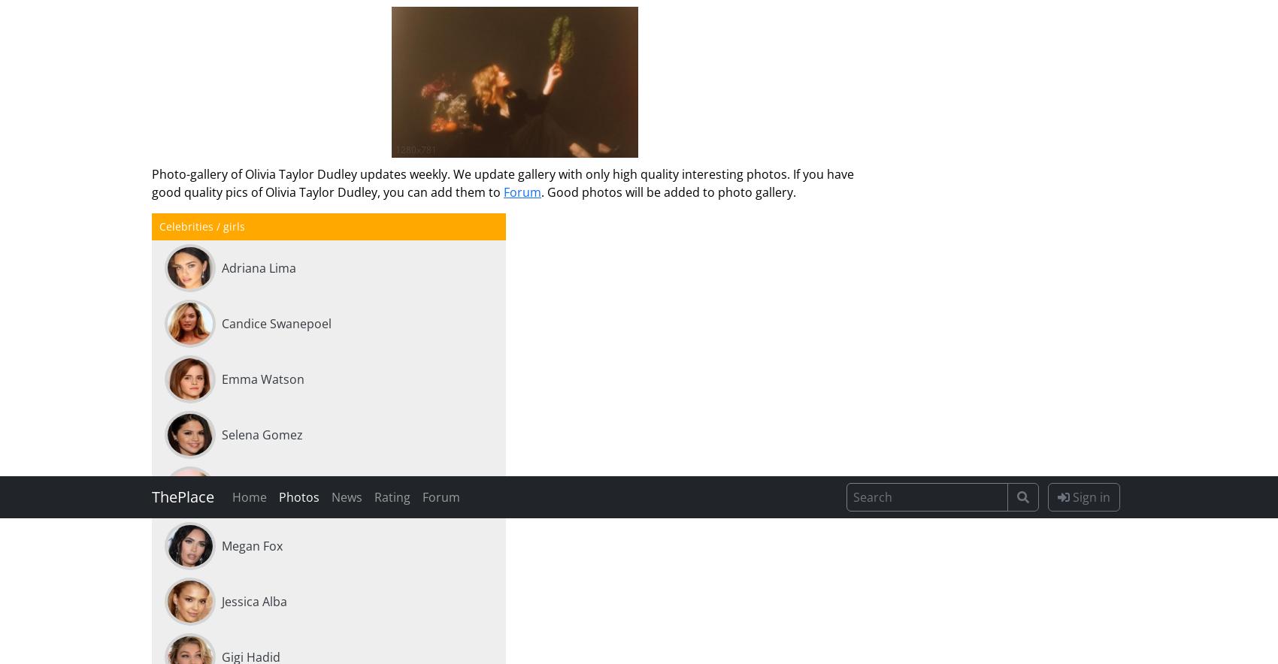 This screenshot has height=664, width=1278. Describe the element at coordinates (270, 17) in the screenshot. I see `'Beyonce Knowles'` at that location.